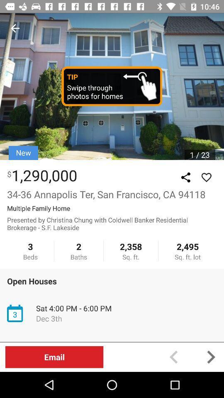 The width and height of the screenshot is (224, 398). What do you see at coordinates (211, 357) in the screenshot?
I see `the arrow_forward icon` at bounding box center [211, 357].